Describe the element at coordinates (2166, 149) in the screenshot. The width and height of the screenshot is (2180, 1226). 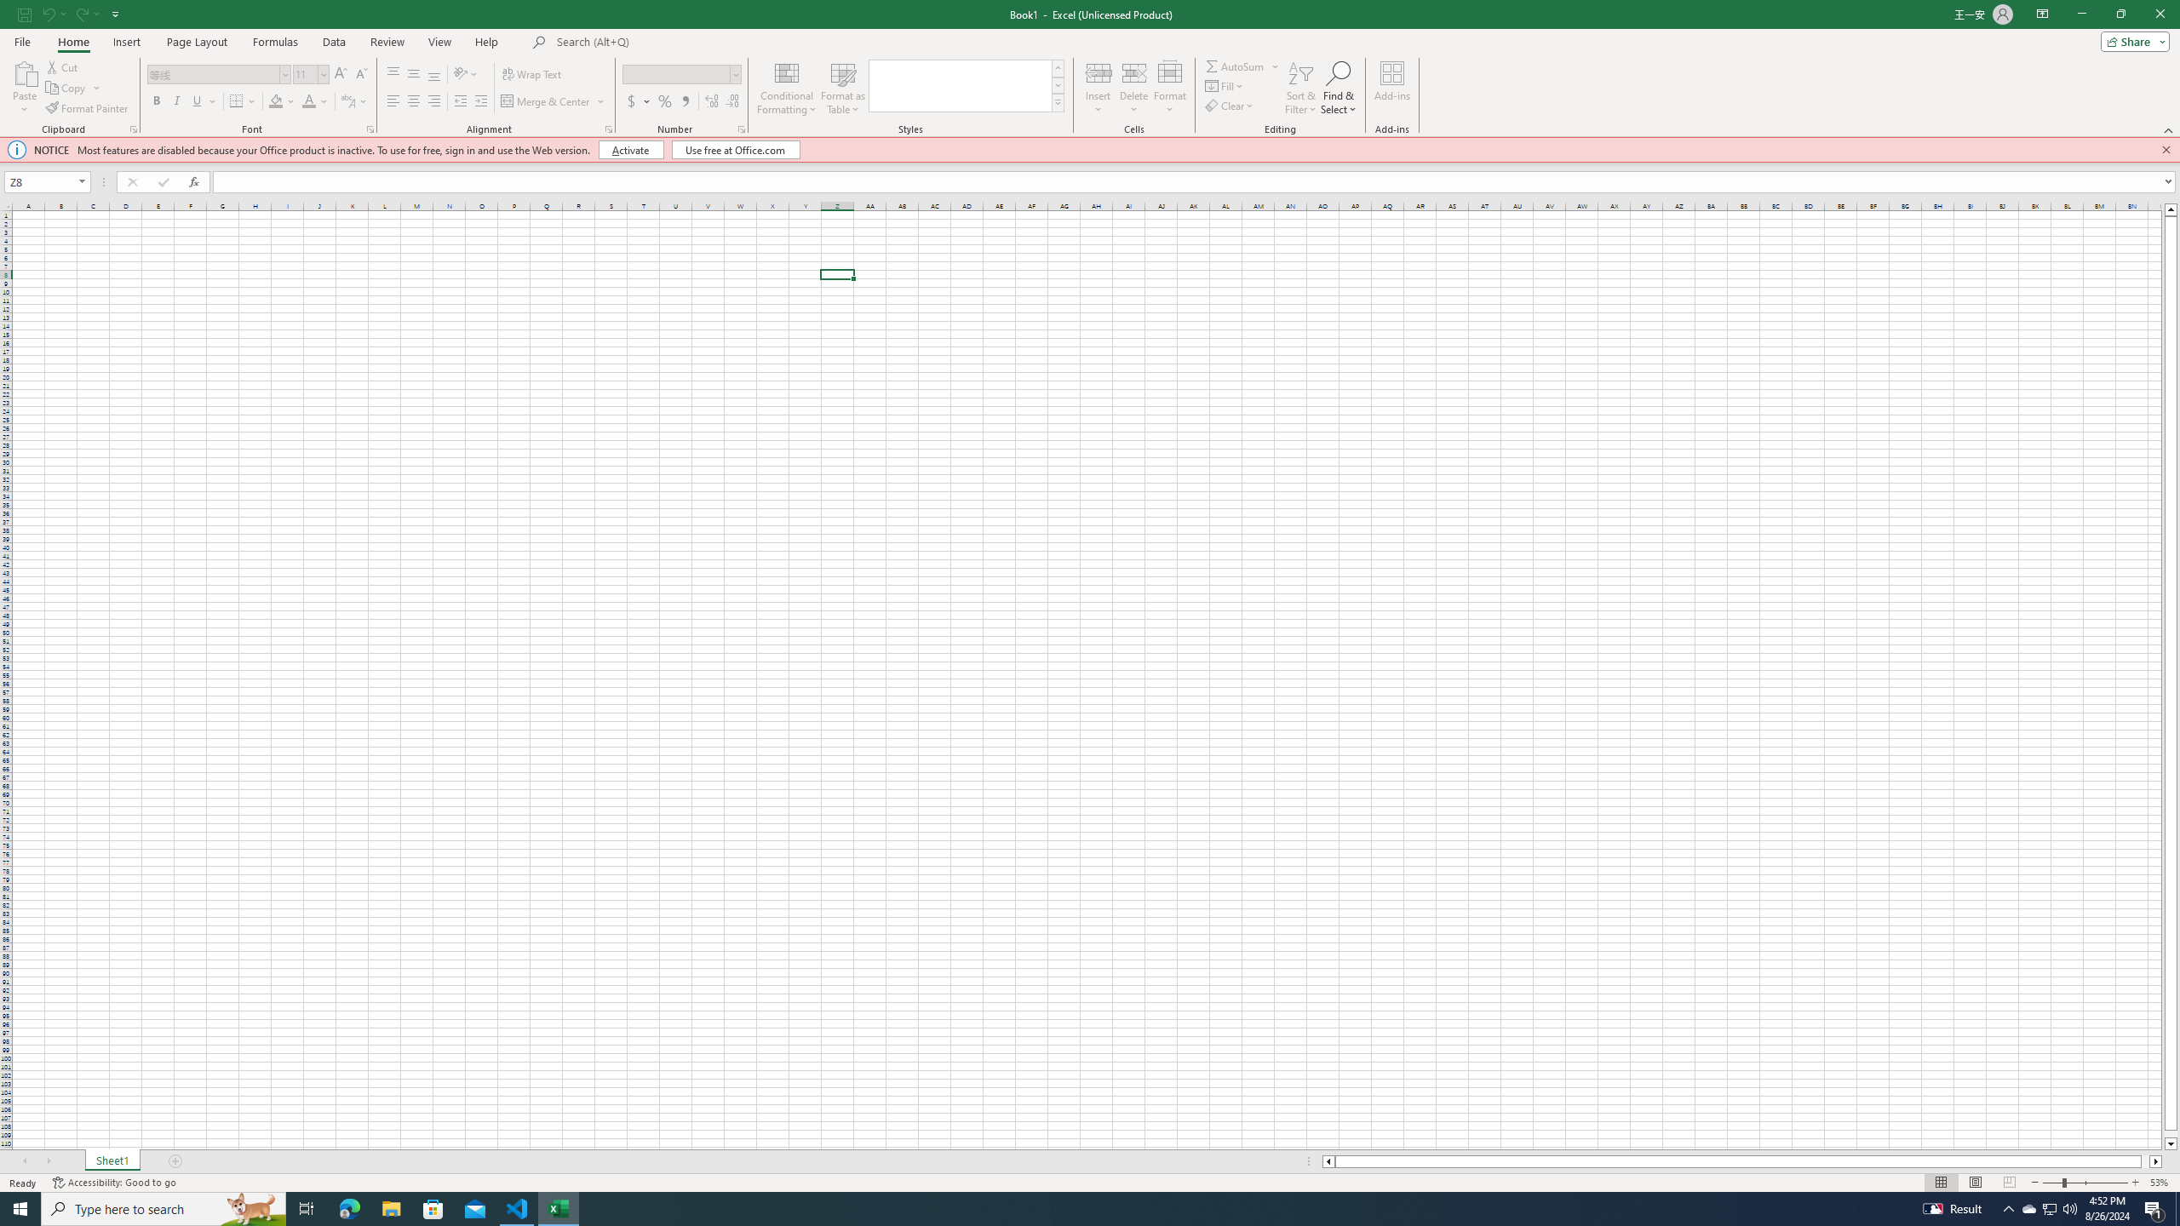
I see `'Close this message'` at that location.